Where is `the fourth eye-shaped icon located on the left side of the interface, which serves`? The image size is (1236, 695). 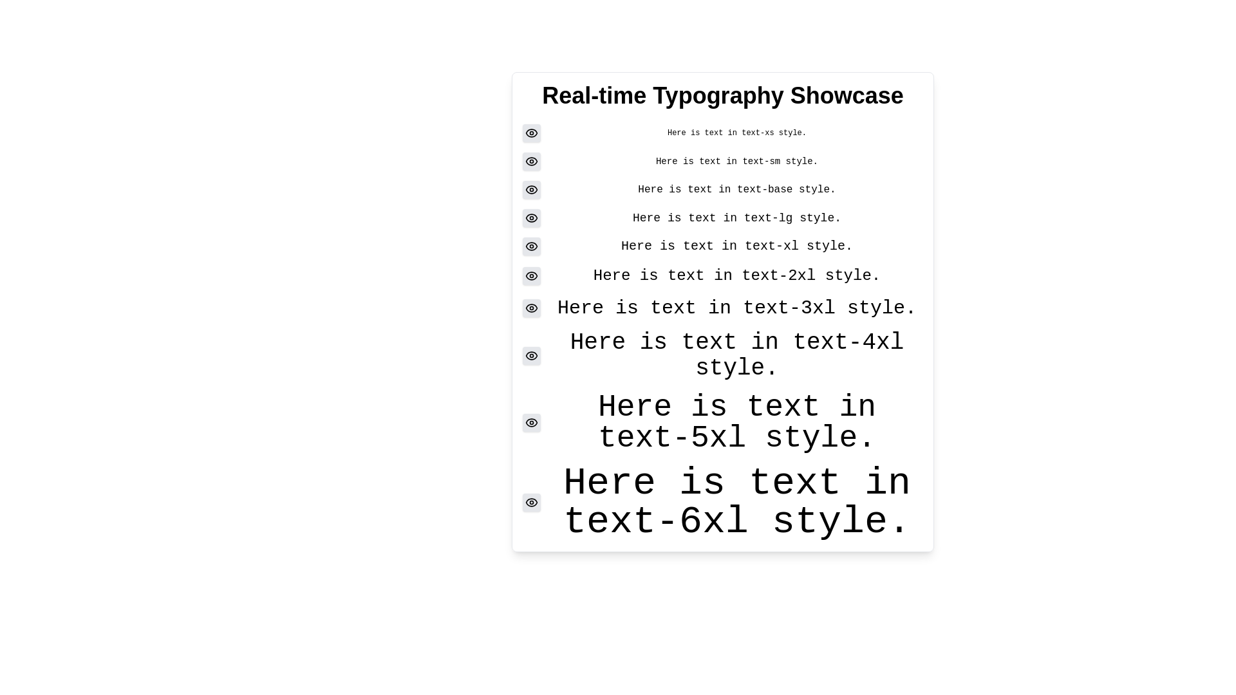 the fourth eye-shaped icon located on the left side of the interface, which serves is located at coordinates (531, 246).